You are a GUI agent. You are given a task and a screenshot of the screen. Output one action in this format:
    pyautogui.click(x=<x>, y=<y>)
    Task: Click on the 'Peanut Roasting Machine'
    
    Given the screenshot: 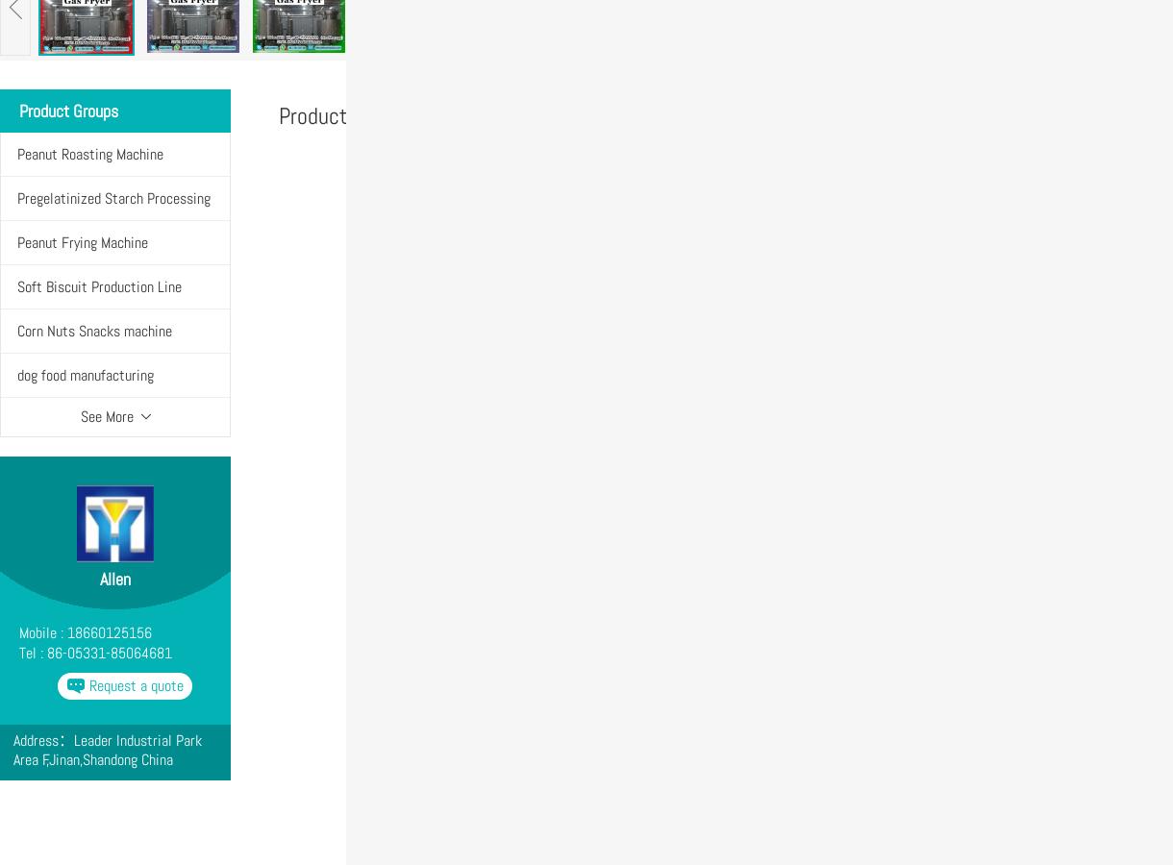 What is the action you would take?
    pyautogui.click(x=17, y=154)
    